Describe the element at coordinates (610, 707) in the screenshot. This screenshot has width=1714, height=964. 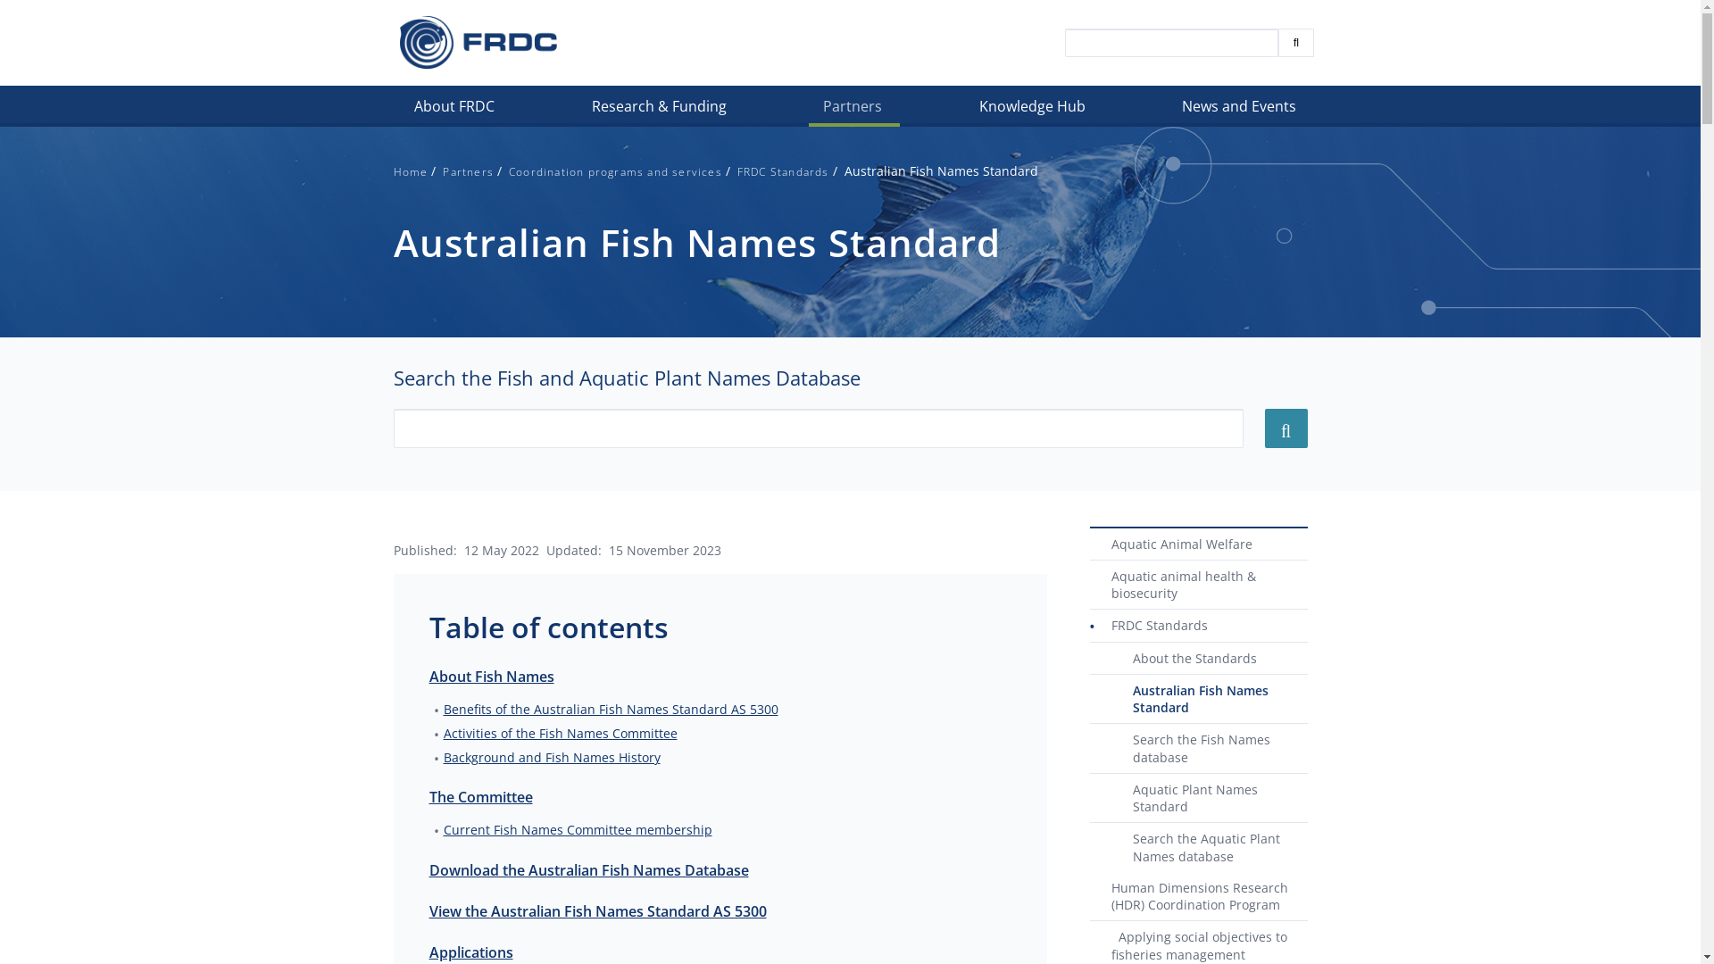
I see `'Benefits of the Australian Fish Names Standard AS 5300'` at that location.